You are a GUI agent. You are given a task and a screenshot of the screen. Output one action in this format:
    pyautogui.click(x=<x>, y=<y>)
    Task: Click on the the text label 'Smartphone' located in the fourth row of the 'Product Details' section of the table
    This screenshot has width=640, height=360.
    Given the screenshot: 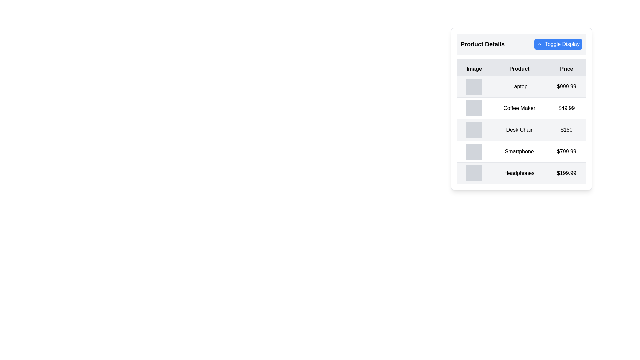 What is the action you would take?
    pyautogui.click(x=519, y=152)
    